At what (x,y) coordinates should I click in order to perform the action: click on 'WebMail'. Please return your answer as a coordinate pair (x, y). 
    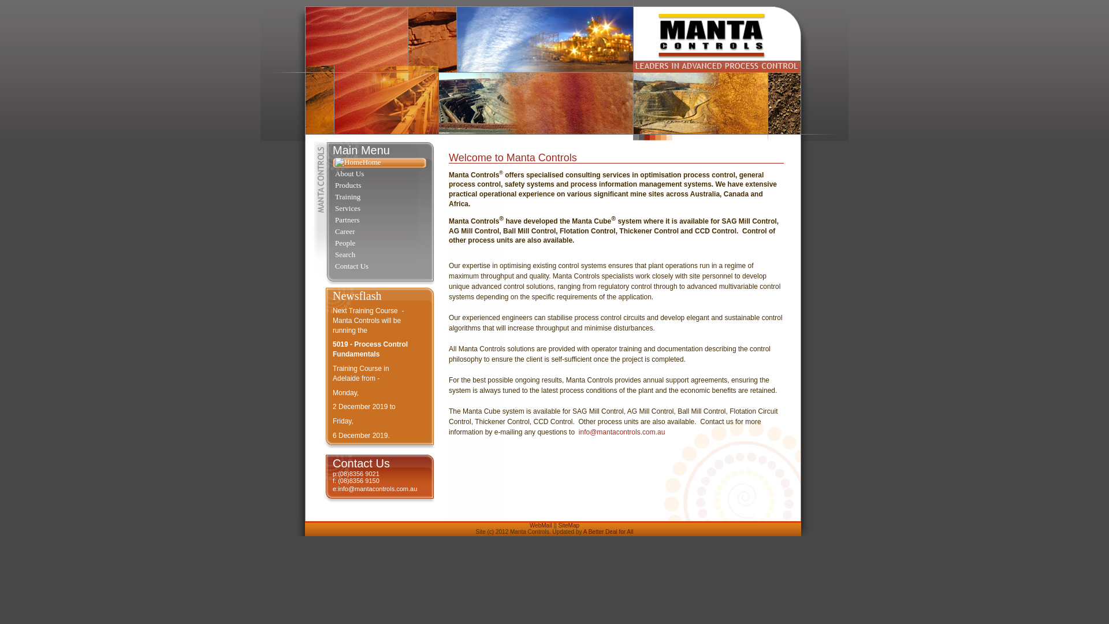
    Looking at the image, I should click on (529, 525).